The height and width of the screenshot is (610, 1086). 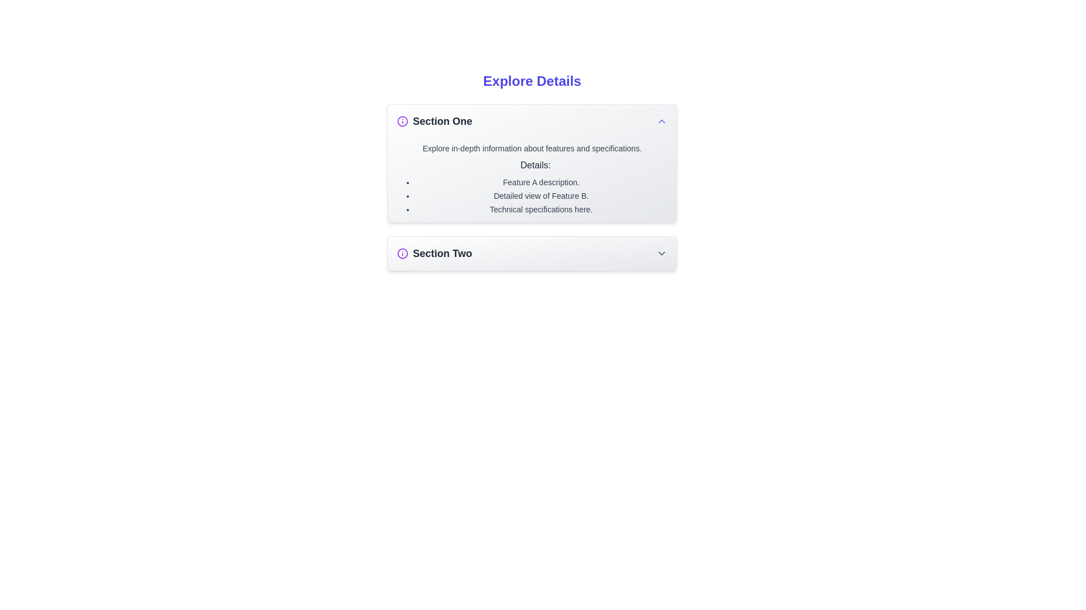 What do you see at coordinates (402, 252) in the screenshot?
I see `circular graphic icon within the 'Explore Details' interface, located to the left of the 'Section One' label` at bounding box center [402, 252].